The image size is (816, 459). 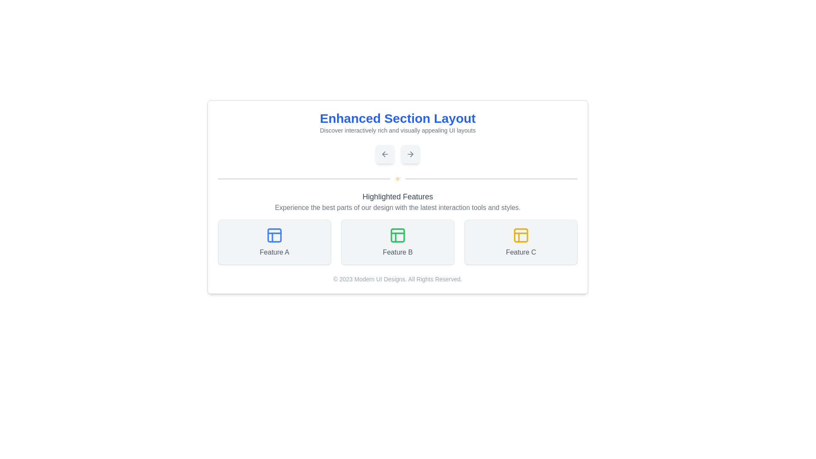 I want to click on the yellow rounded rectangle within the 'Feature C' button in the bottom right section of the icon, so click(x=520, y=235).